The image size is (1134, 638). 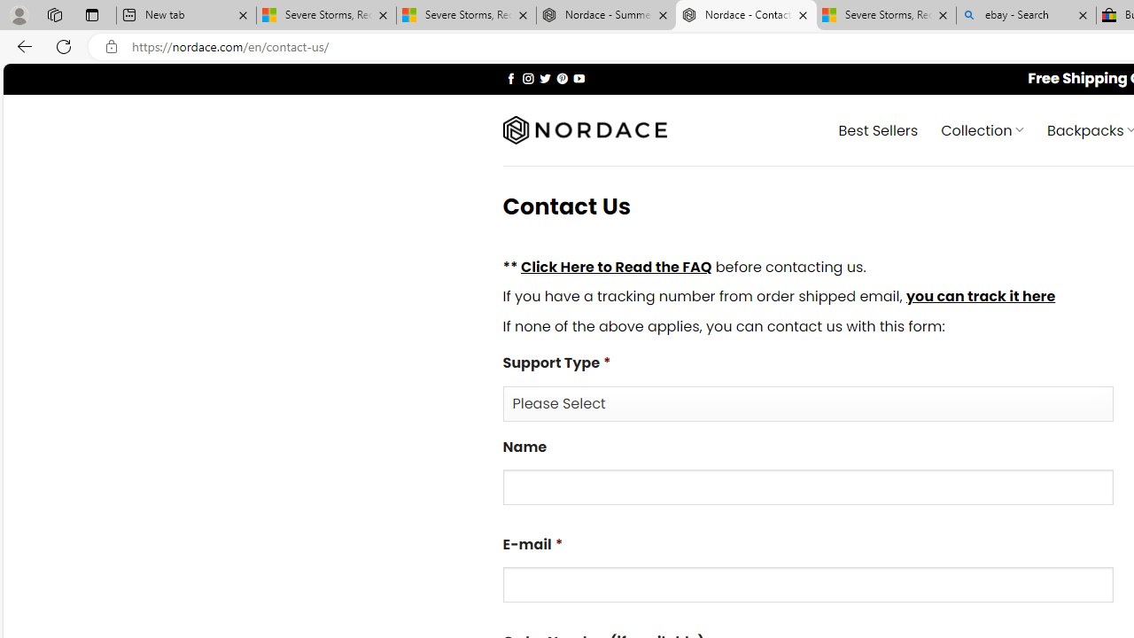 What do you see at coordinates (616, 266) in the screenshot?
I see `'Click Here to Read the FAQ'` at bounding box center [616, 266].